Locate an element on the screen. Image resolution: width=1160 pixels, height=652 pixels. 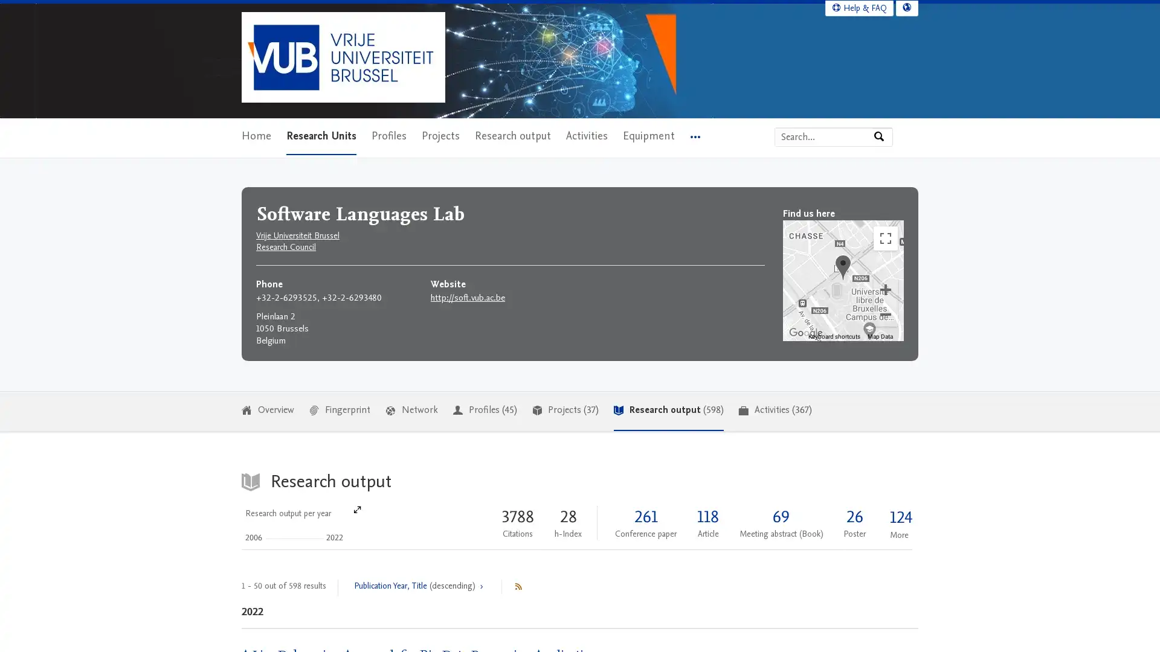
Toggle fullscreen view is located at coordinates (885, 237).